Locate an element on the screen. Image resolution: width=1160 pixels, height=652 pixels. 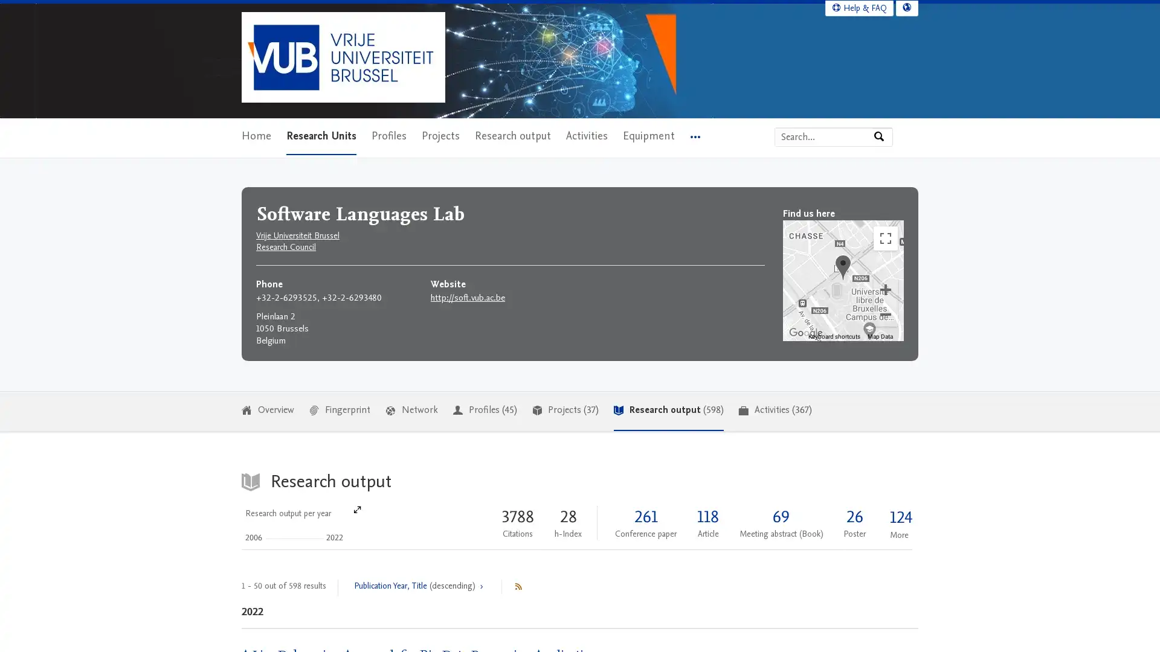
Toggle fullscreen view is located at coordinates (885, 237).